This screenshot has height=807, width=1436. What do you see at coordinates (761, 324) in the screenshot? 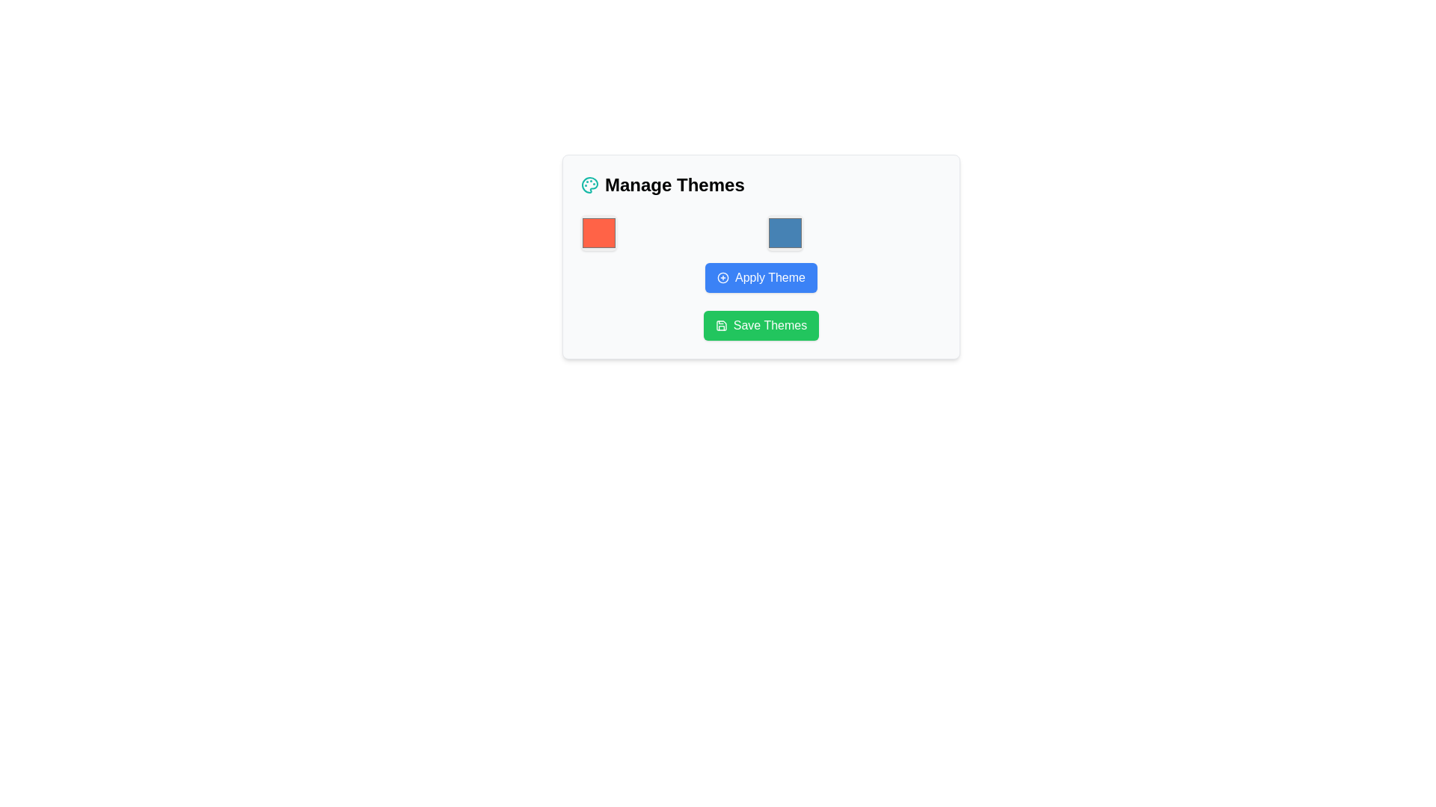
I see `the green 'Save Themes' button with a save icon, located at the bottom of the 'Manage Themes' section` at bounding box center [761, 324].